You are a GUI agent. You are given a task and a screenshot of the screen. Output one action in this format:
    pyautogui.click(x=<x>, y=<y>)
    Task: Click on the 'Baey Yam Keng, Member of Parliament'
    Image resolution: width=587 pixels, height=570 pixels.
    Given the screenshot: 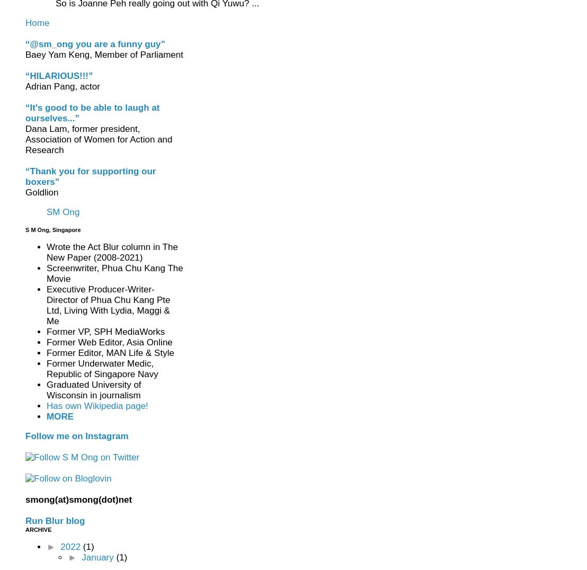 What is the action you would take?
    pyautogui.click(x=104, y=54)
    